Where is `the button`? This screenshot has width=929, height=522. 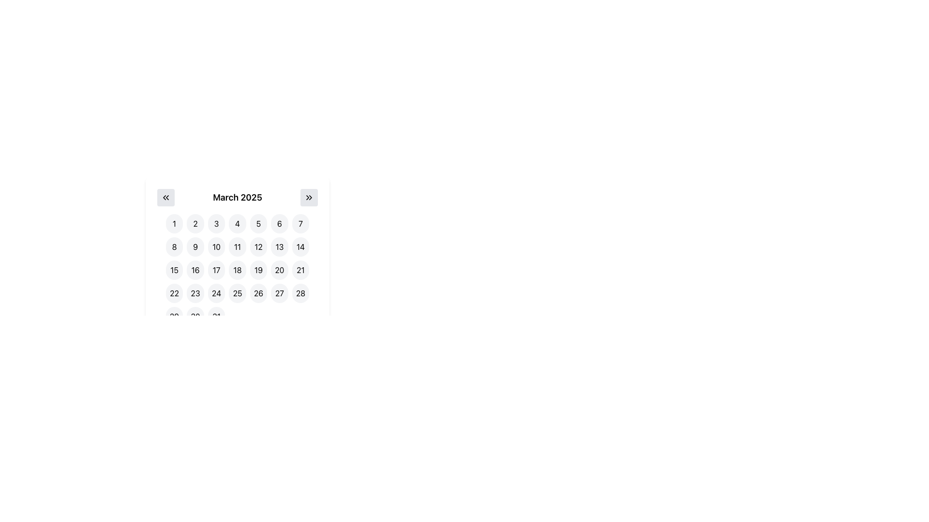 the button is located at coordinates (174, 246).